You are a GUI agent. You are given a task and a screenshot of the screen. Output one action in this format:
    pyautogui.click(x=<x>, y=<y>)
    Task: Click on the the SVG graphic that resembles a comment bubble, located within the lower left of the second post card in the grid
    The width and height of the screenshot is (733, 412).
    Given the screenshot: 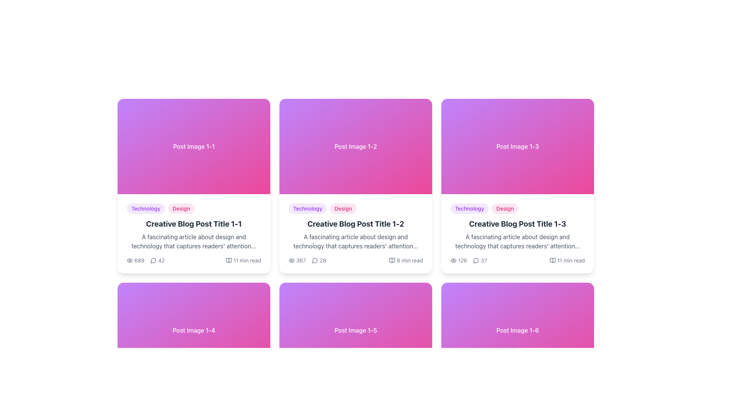 What is the action you would take?
    pyautogui.click(x=315, y=260)
    